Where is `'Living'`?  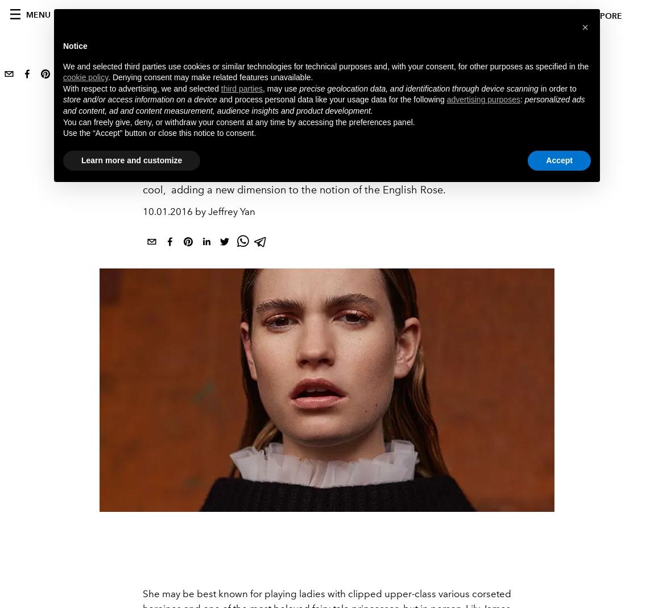 'Living' is located at coordinates (159, 119).